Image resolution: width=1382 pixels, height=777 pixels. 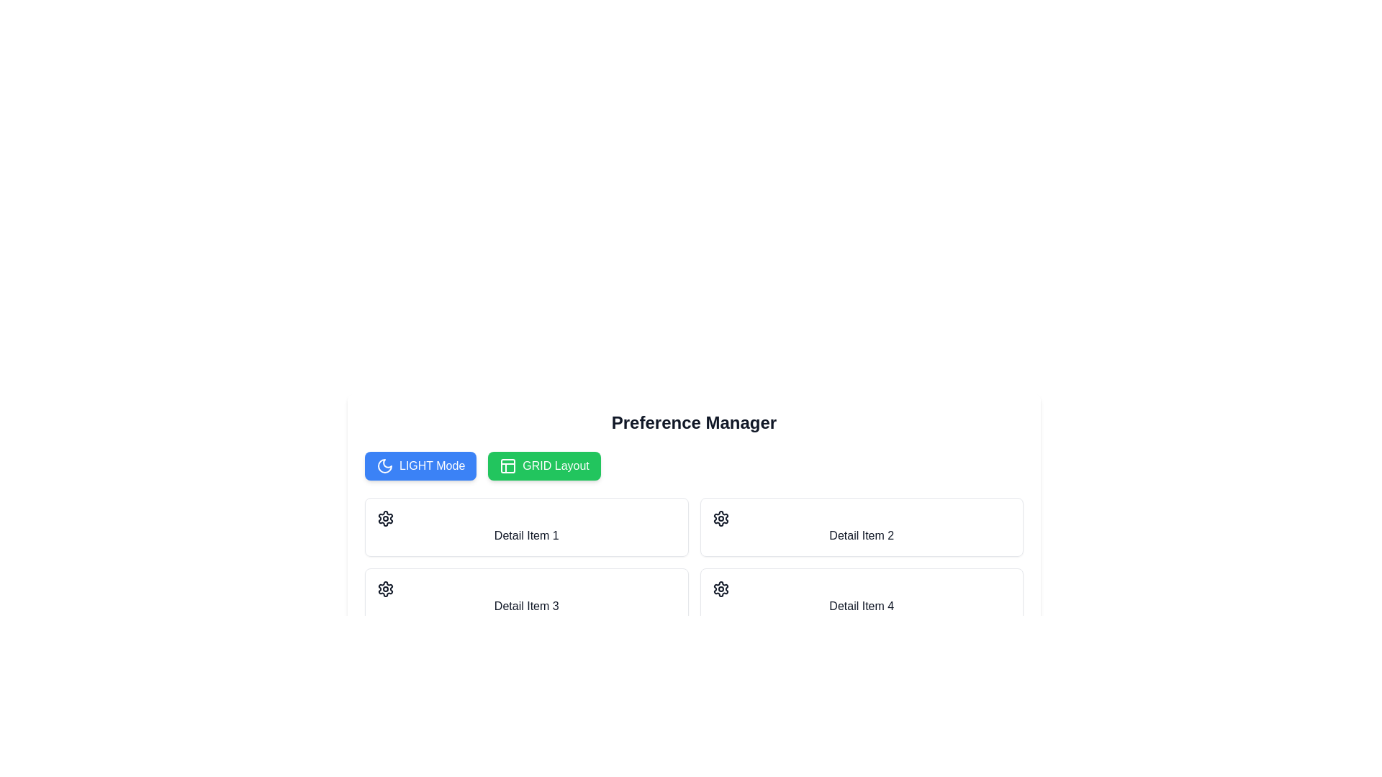 What do you see at coordinates (508, 466) in the screenshot?
I see `the SVG icon within the green button labeled 'GRID Layout', which is part of the layout options button group` at bounding box center [508, 466].